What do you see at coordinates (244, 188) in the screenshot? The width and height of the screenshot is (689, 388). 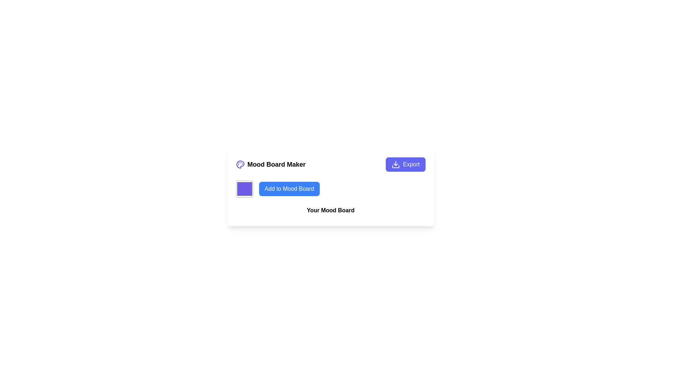 I see `the Color Picker Input located to the left of the 'Add to Mood Board' button` at bounding box center [244, 188].